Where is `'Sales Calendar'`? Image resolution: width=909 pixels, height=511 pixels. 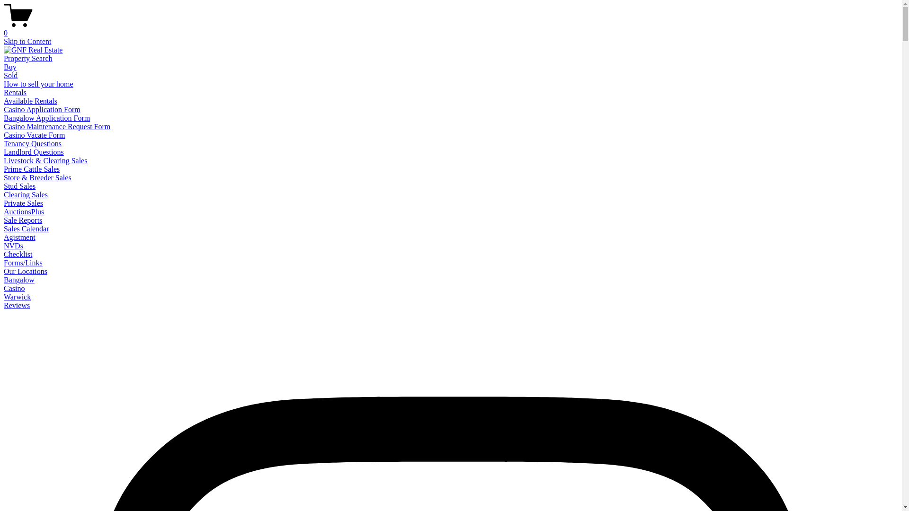 'Sales Calendar' is located at coordinates (27, 229).